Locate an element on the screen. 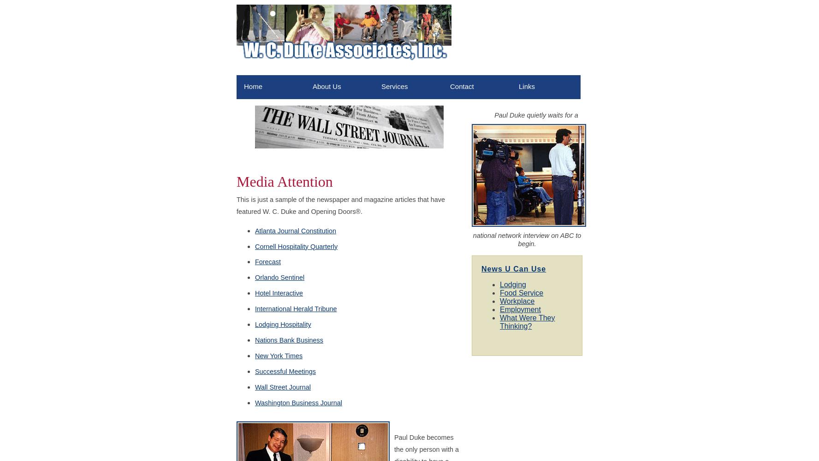 This screenshot has height=461, width=819. 'Washington Business Journal' is located at coordinates (298, 402).